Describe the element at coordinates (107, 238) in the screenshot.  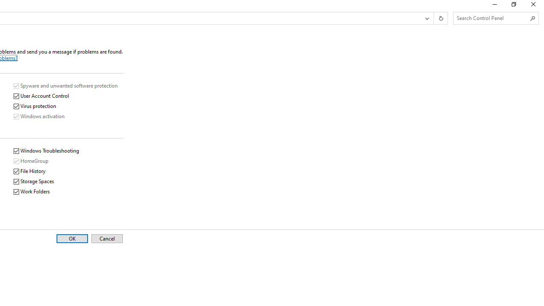
I see `'Cancel'` at that location.